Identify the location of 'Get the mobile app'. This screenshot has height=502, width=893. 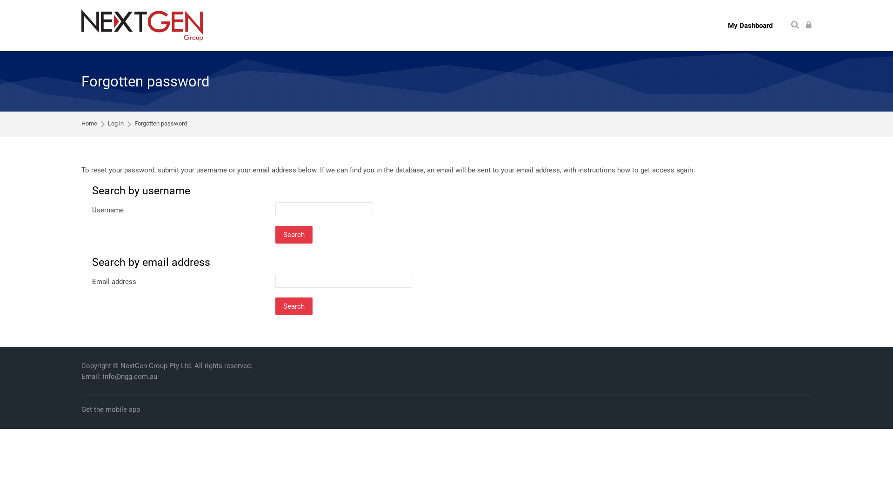
(81, 409).